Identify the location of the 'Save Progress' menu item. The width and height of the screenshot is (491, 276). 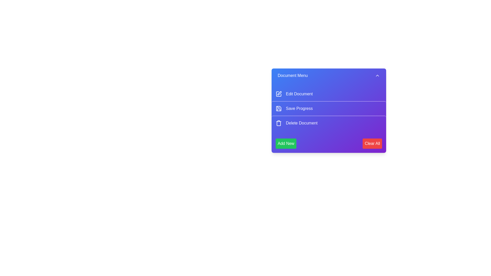
(329, 108).